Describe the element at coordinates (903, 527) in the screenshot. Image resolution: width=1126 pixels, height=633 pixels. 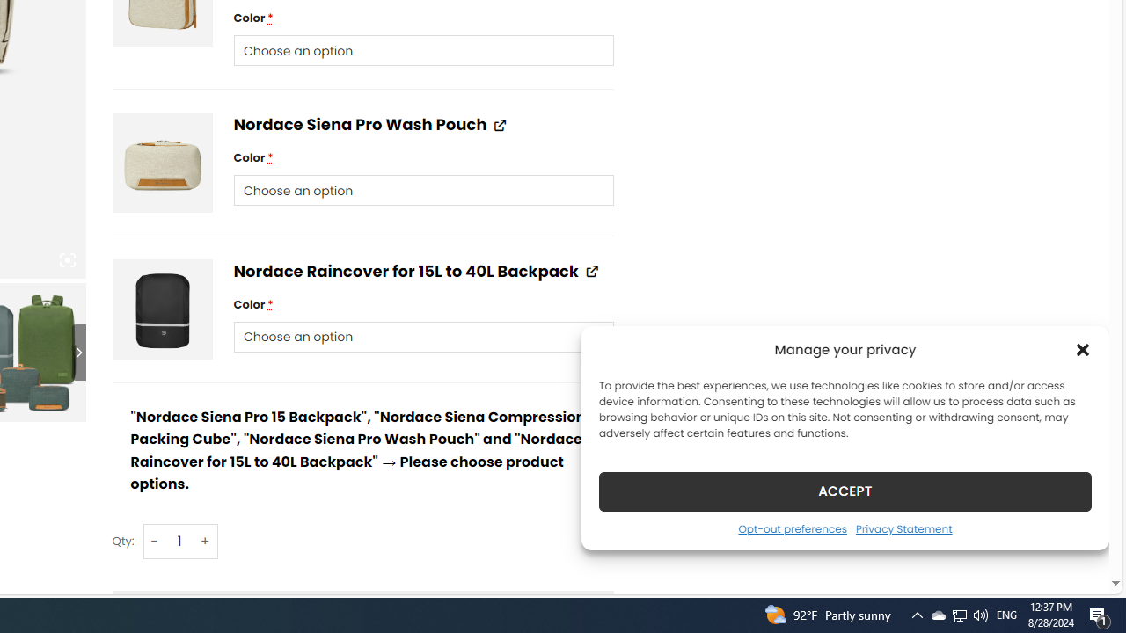
I see `'Privacy Statement'` at that location.